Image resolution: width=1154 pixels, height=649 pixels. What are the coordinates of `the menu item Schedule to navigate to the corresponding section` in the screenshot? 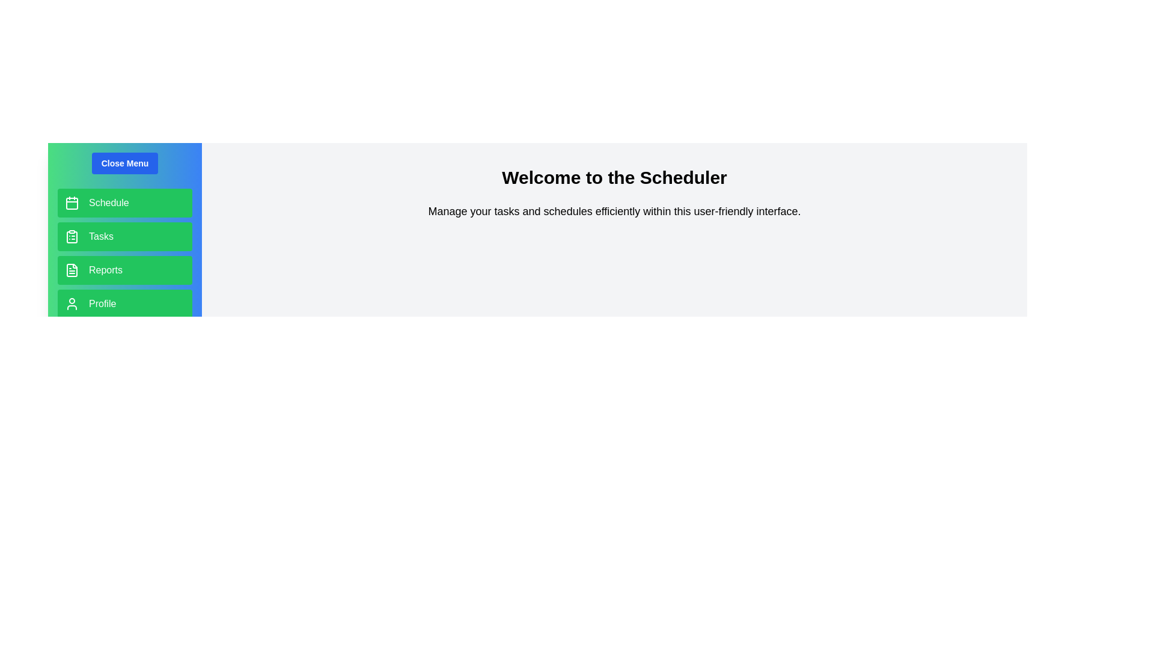 It's located at (124, 203).